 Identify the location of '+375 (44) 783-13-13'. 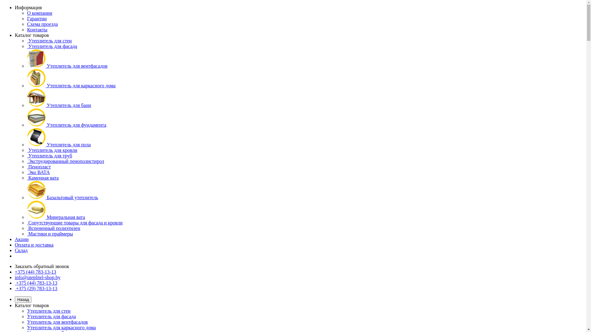
(15, 271).